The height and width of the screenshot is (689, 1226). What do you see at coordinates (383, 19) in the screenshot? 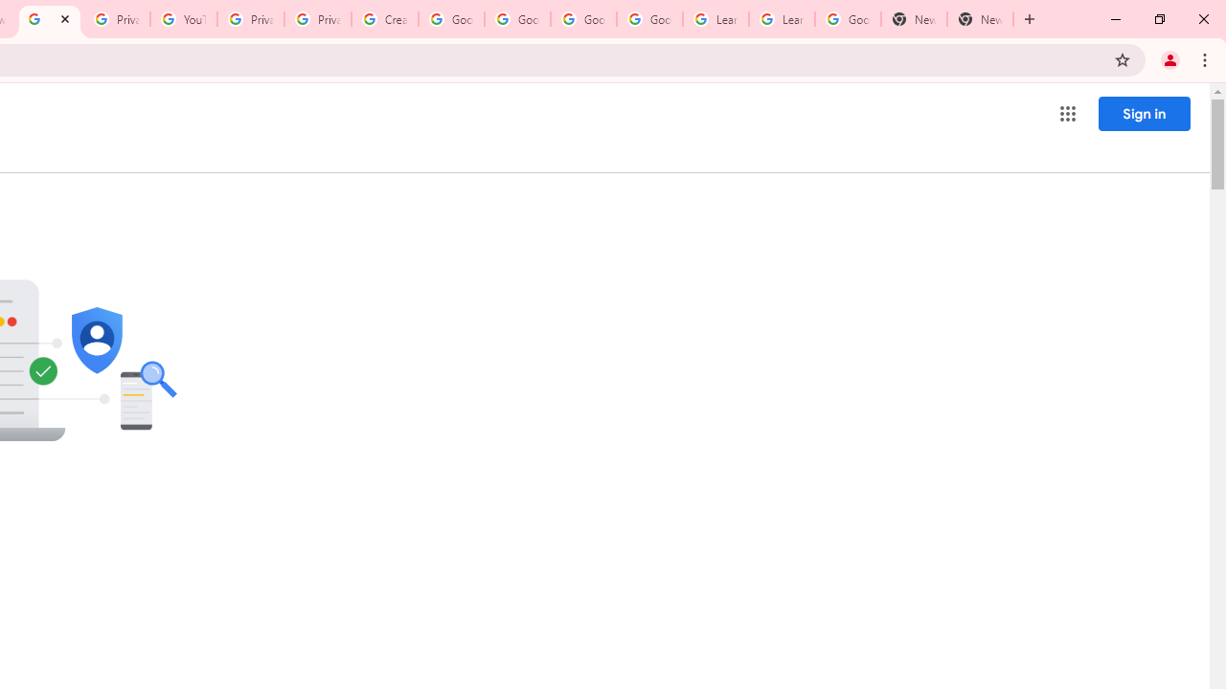
I see `'Create your Google Account'` at bounding box center [383, 19].